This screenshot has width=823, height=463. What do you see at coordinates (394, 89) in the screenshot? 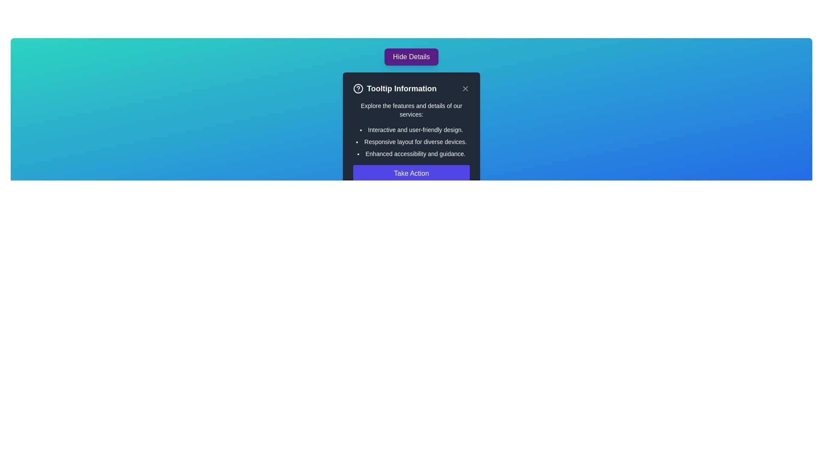
I see `text content from the 'Tooltip Information' text block located in the center top section of the dark-themed popup dialog, which is adjacent to a tooltip icon` at bounding box center [394, 89].